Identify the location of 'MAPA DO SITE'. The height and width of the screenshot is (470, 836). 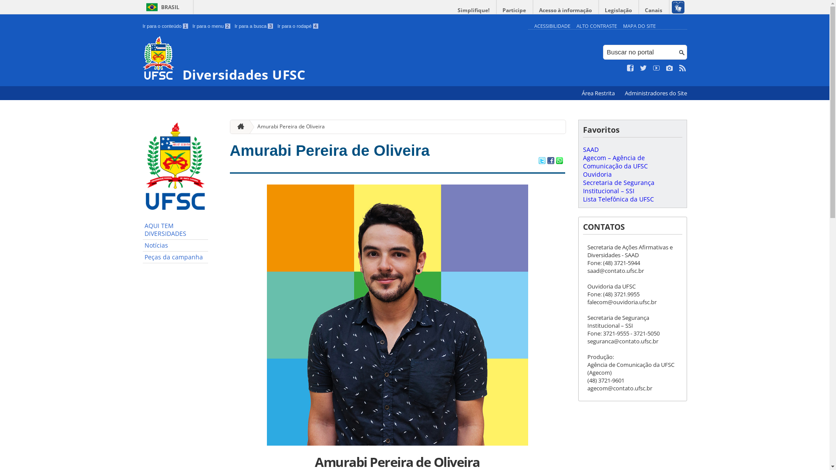
(622, 25).